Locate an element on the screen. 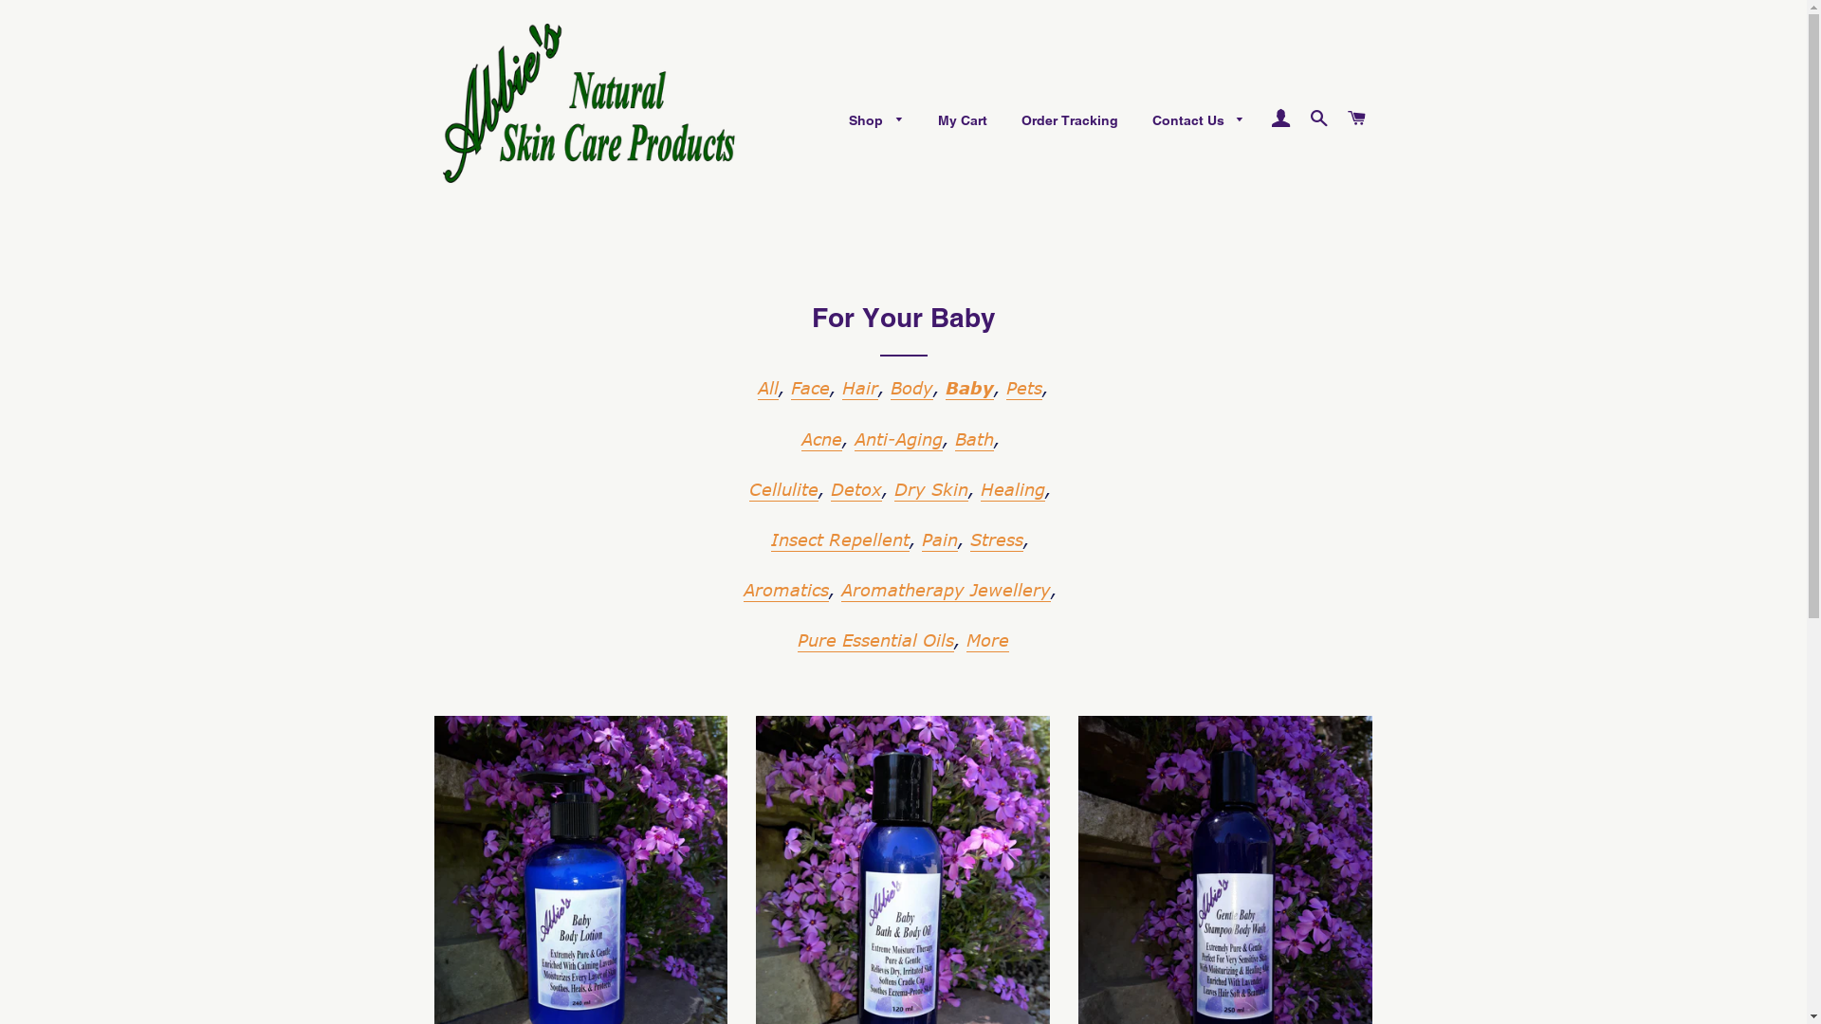 The height and width of the screenshot is (1024, 1821). 'Face' is located at coordinates (810, 387).